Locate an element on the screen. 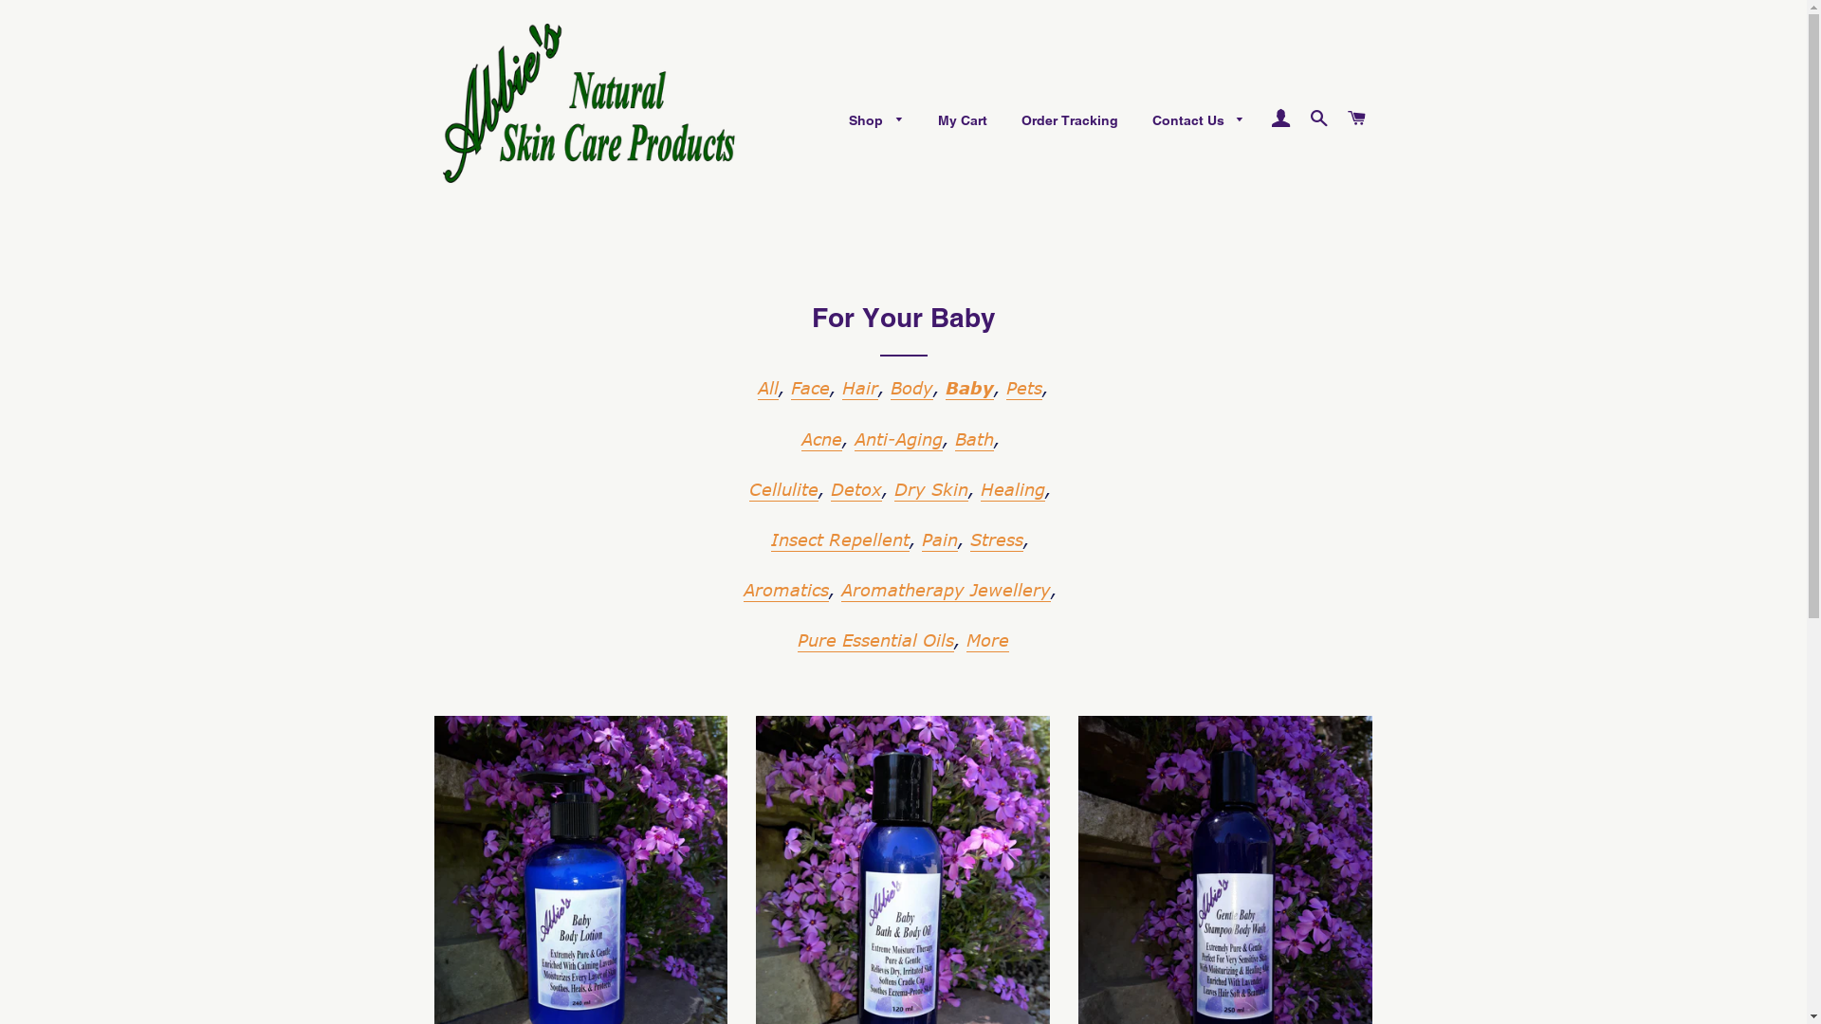 The height and width of the screenshot is (1024, 1821). 'Face' is located at coordinates (810, 387).